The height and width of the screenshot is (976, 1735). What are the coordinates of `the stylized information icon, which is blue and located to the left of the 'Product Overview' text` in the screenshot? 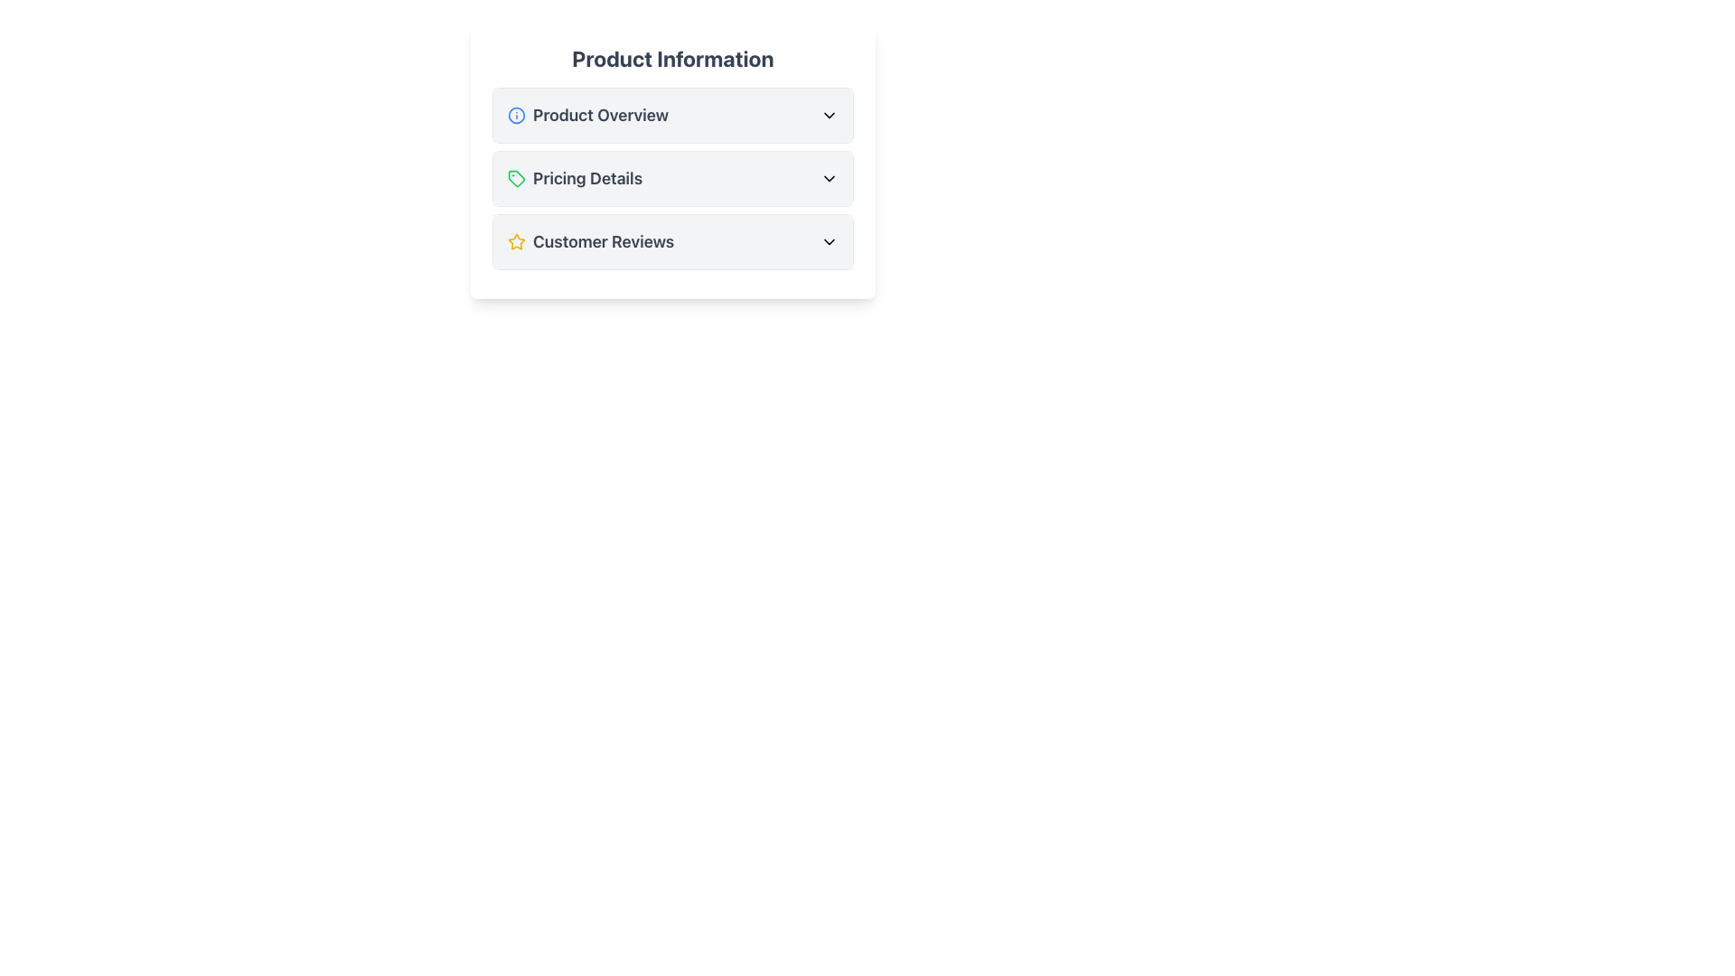 It's located at (515, 115).